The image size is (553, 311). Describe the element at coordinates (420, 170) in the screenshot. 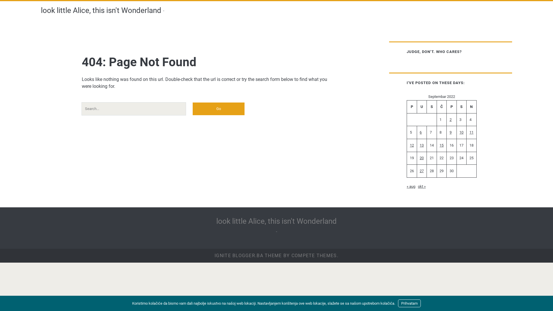

I see `'27'` at that location.